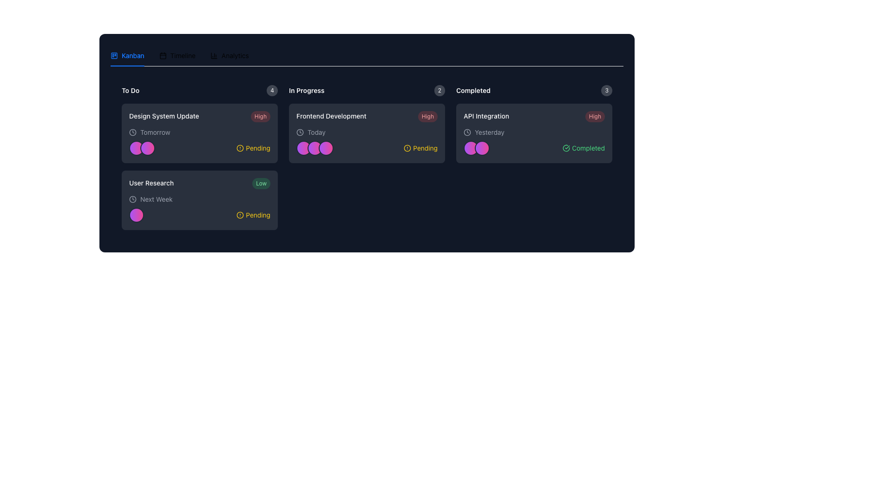 This screenshot has height=502, width=892. I want to click on the 'User Research' Text label, which is displayed in a white medium-weight font against a dark background, located in the lower-left section of the 'To Do' column, so click(151, 183).